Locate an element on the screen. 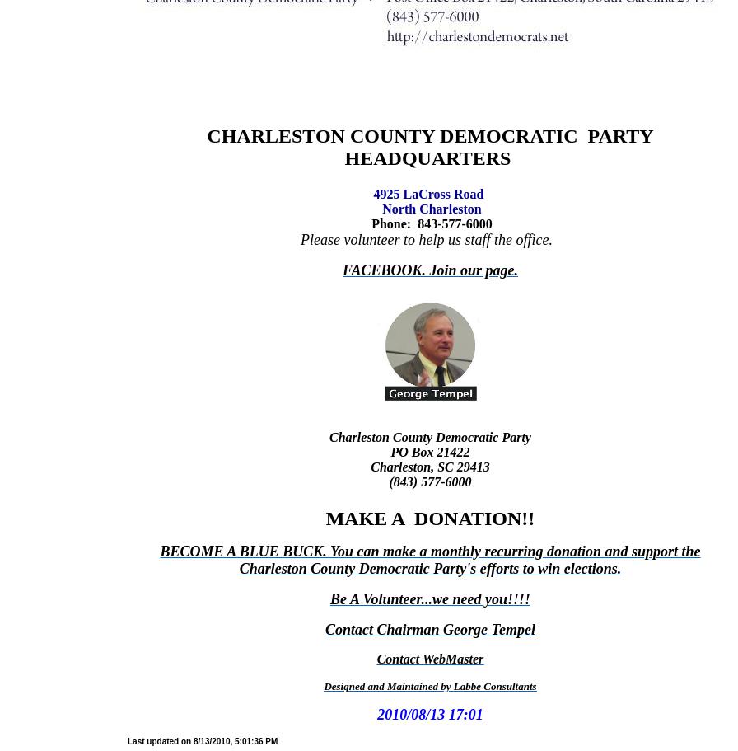 The width and height of the screenshot is (738, 751). 'Last updated on 8/13/2010, 5:01:36 PM' is located at coordinates (128, 740).